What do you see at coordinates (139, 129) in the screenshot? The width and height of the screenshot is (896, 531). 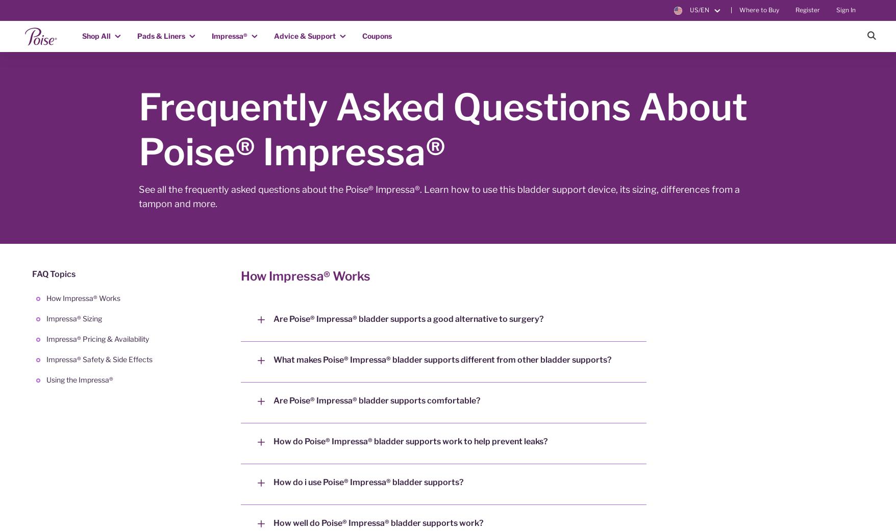 I see `'Frequently Asked Questions About Poise® Impressa®'` at bounding box center [139, 129].